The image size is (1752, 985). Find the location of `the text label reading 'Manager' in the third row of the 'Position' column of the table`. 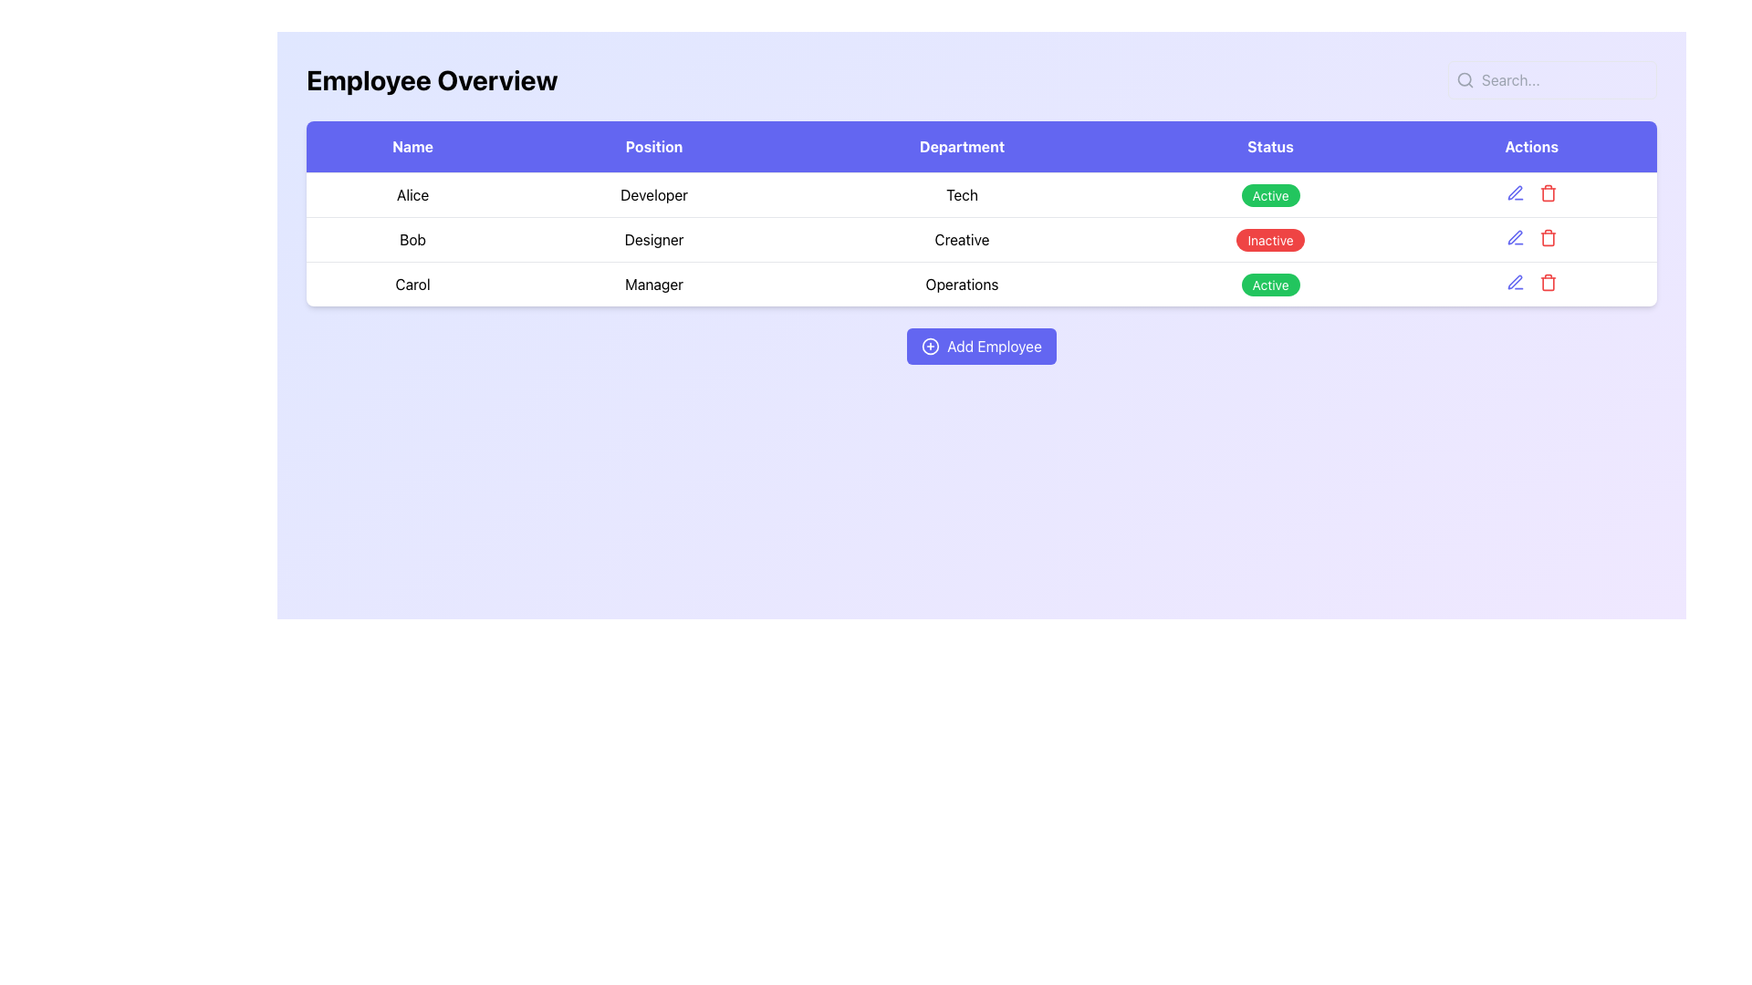

the text label reading 'Manager' in the third row of the 'Position' column of the table is located at coordinates (654, 284).